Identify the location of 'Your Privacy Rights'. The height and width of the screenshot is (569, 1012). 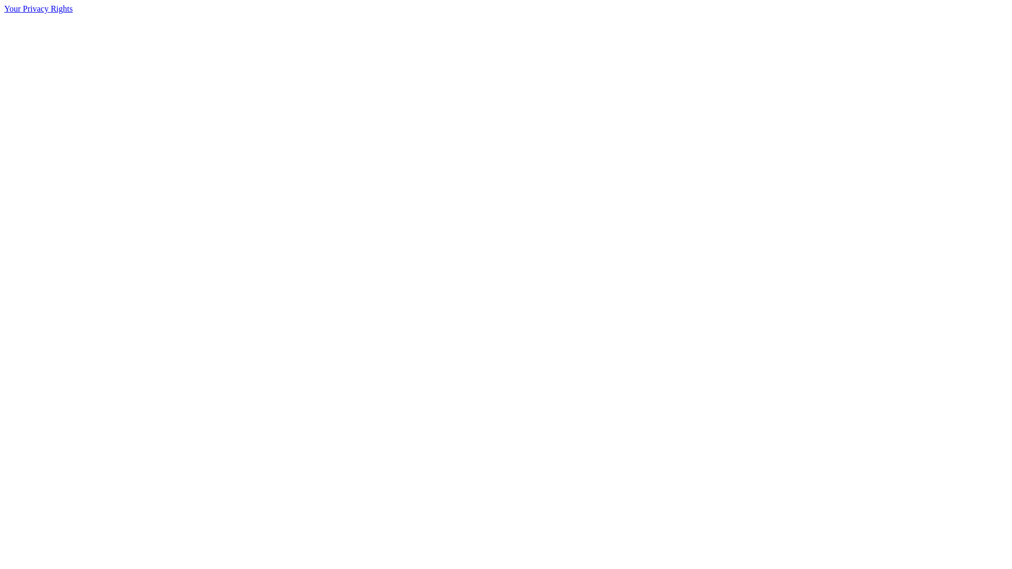
(38, 8).